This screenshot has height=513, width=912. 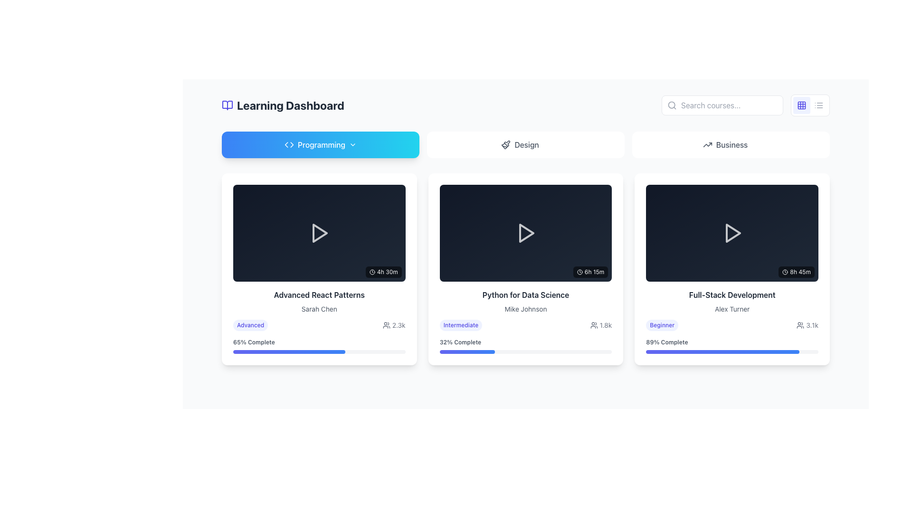 What do you see at coordinates (731, 351) in the screenshot?
I see `the progress visually indicated by the progress bar labeled '89% Complete' located beneath the 'Full-Stack Development' course card in the dashboard` at bounding box center [731, 351].